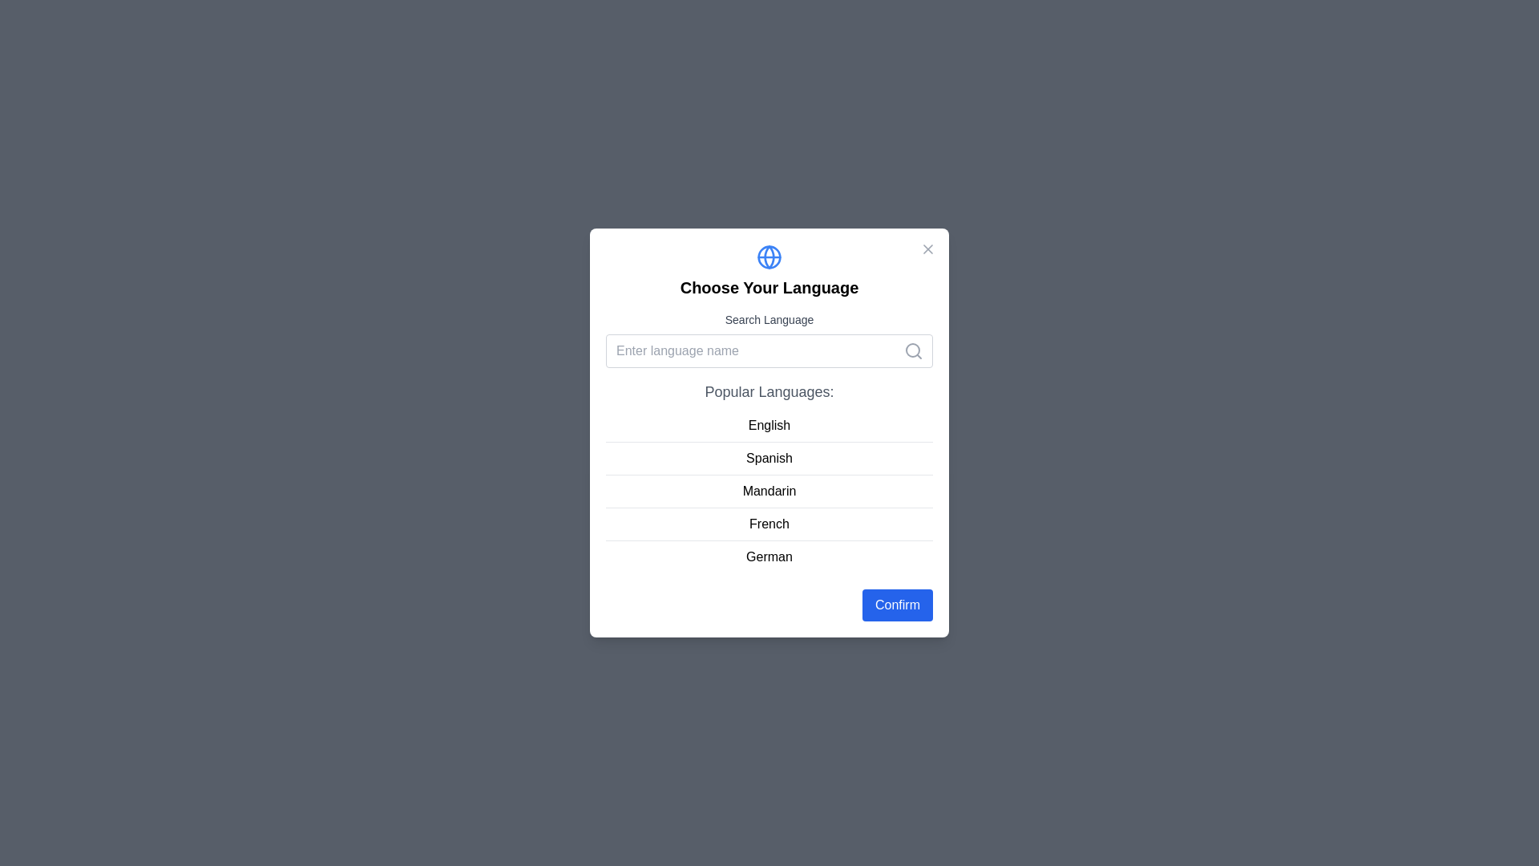  I want to click on the 'Confirm' button to confirm the selected language, so click(896, 605).